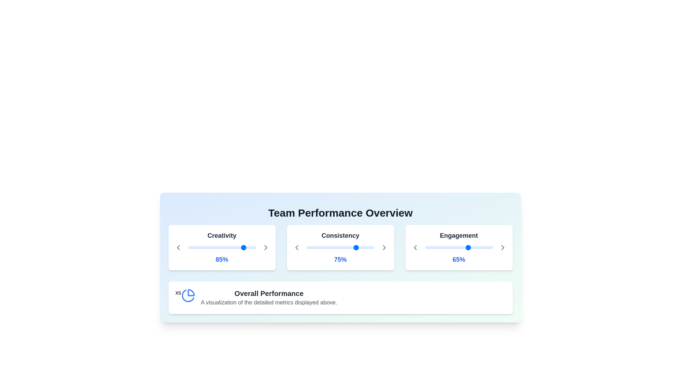 Image resolution: width=677 pixels, height=381 pixels. Describe the element at coordinates (188, 296) in the screenshot. I see `the blue arc segment of the pie chart icon located in the lower-left section of the card under 'Overall Performance'` at that location.